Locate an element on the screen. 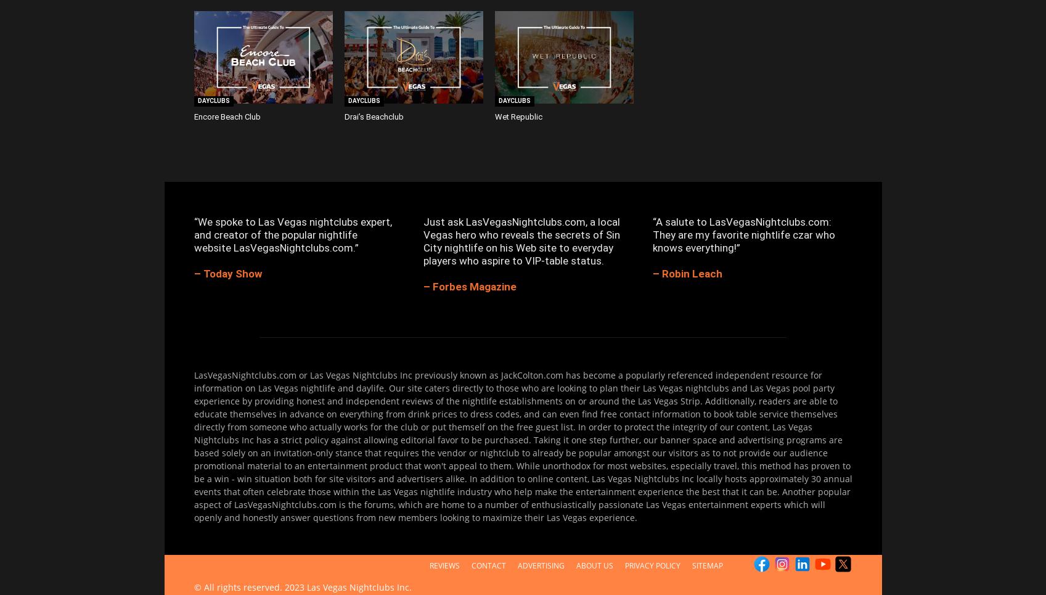 Image resolution: width=1046 pixels, height=595 pixels. '© All rights reserved.' is located at coordinates (238, 586).